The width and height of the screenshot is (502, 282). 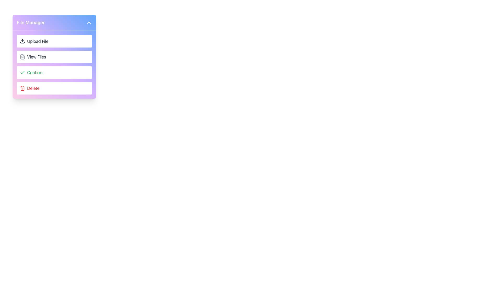 I want to click on the toggle button located in the top-right corner of the 'File Manager' header, so click(x=89, y=22).